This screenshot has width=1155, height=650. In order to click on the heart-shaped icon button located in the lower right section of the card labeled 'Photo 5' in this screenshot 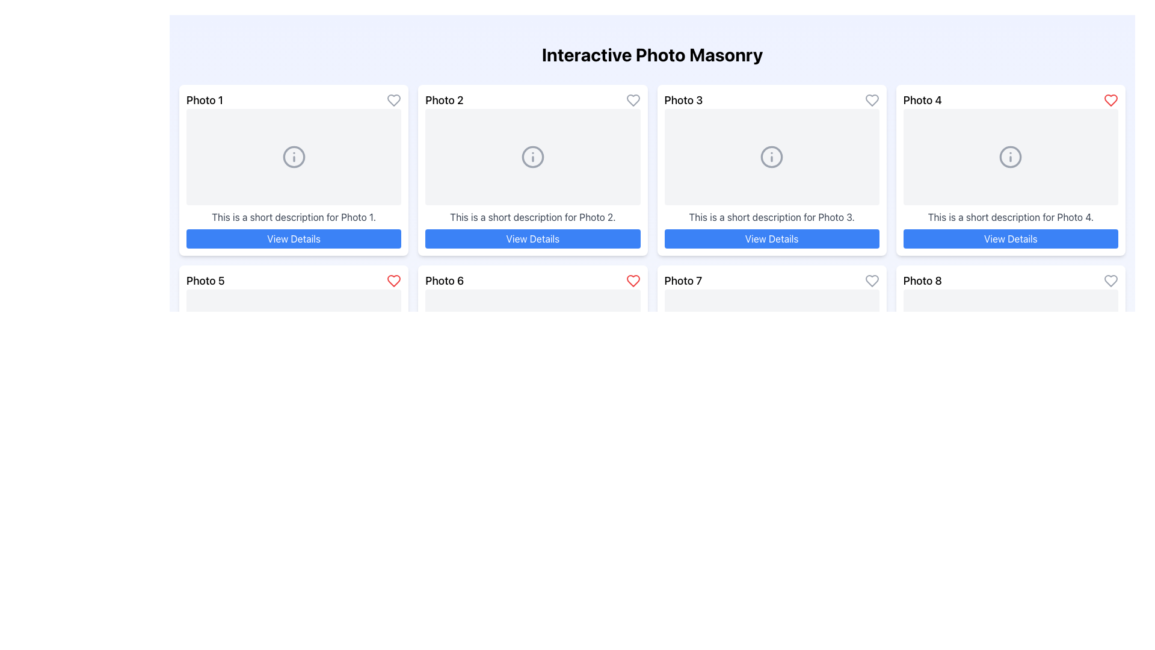, I will do `click(394, 280)`.